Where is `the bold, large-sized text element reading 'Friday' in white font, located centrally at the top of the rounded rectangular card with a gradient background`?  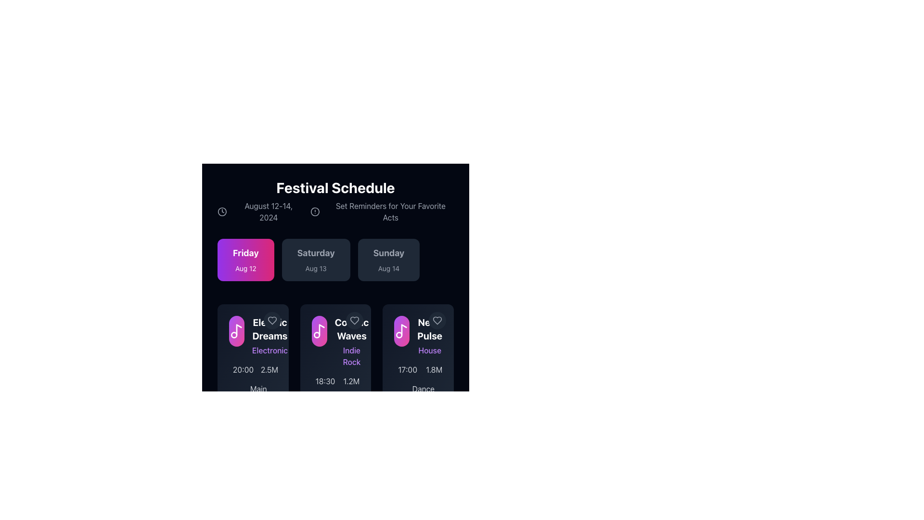
the bold, large-sized text element reading 'Friday' in white font, located centrally at the top of the rounded rectangular card with a gradient background is located at coordinates (245, 252).